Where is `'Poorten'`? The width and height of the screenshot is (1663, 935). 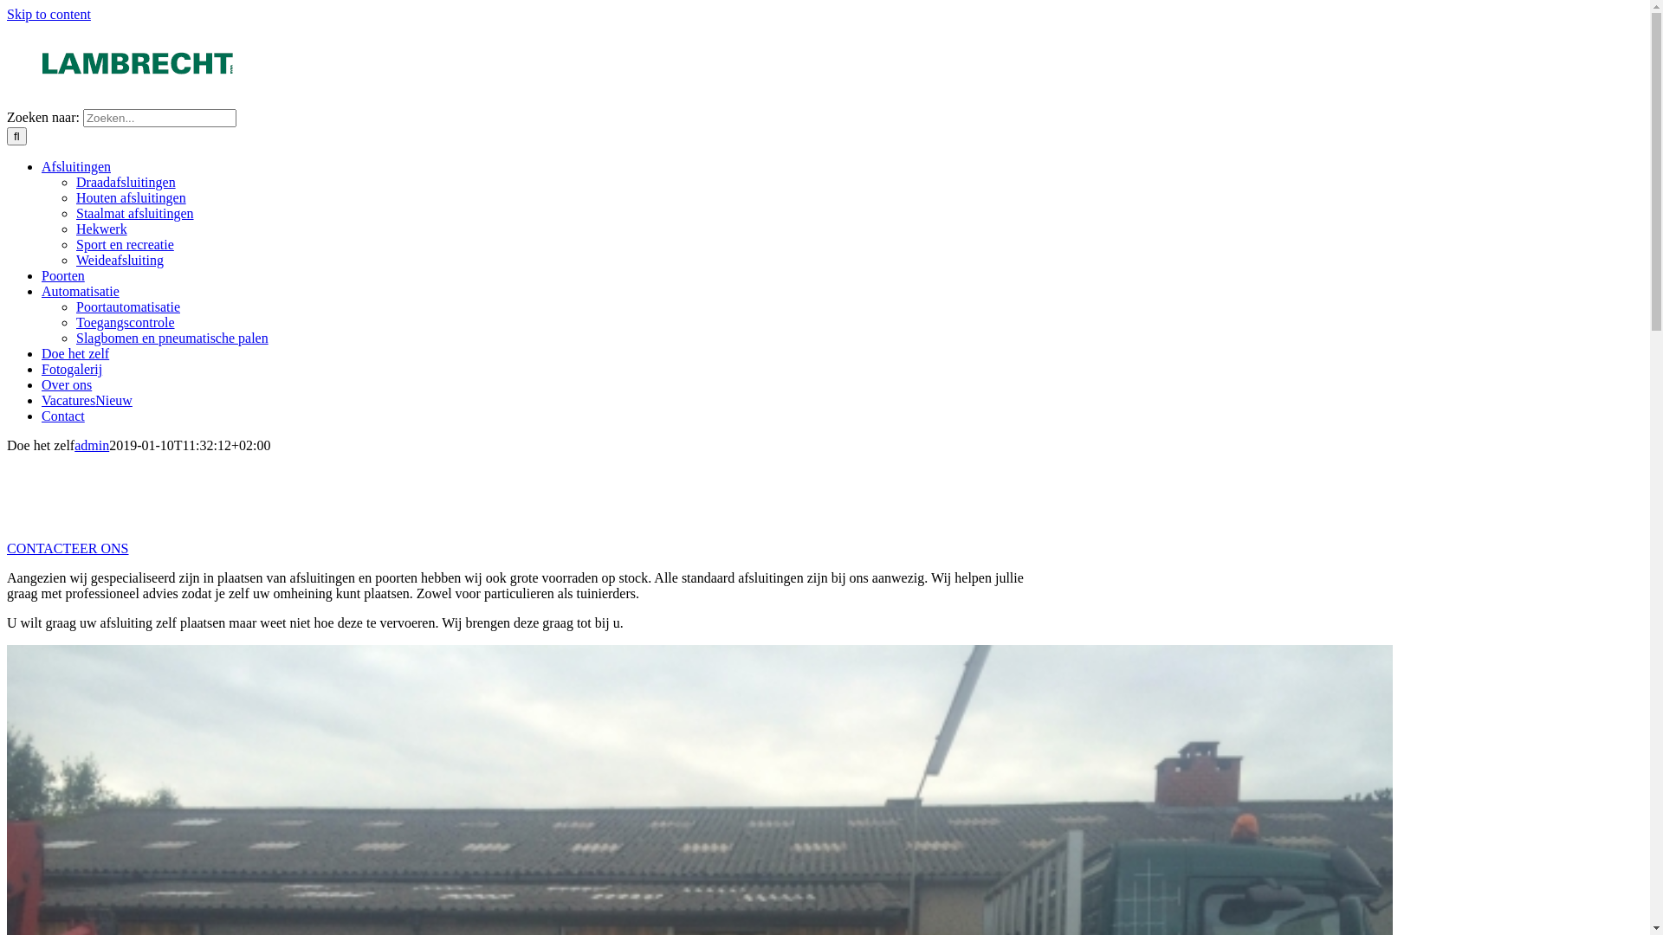 'Poorten' is located at coordinates (62, 274).